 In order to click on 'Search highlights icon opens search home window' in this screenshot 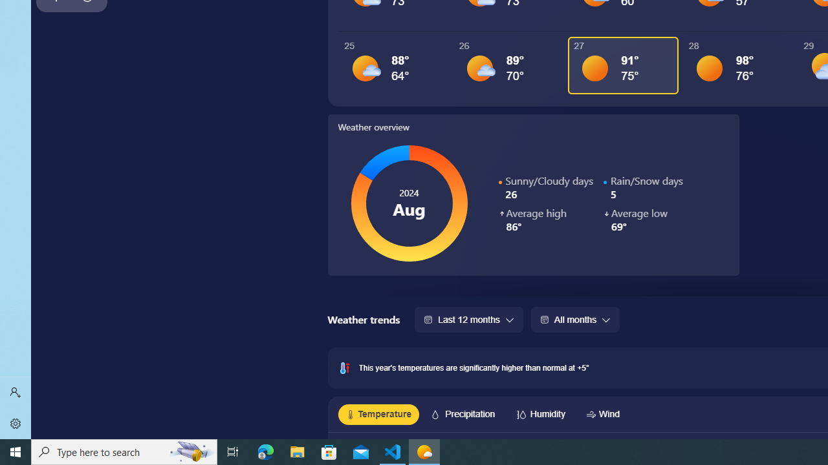, I will do `click(190, 451)`.